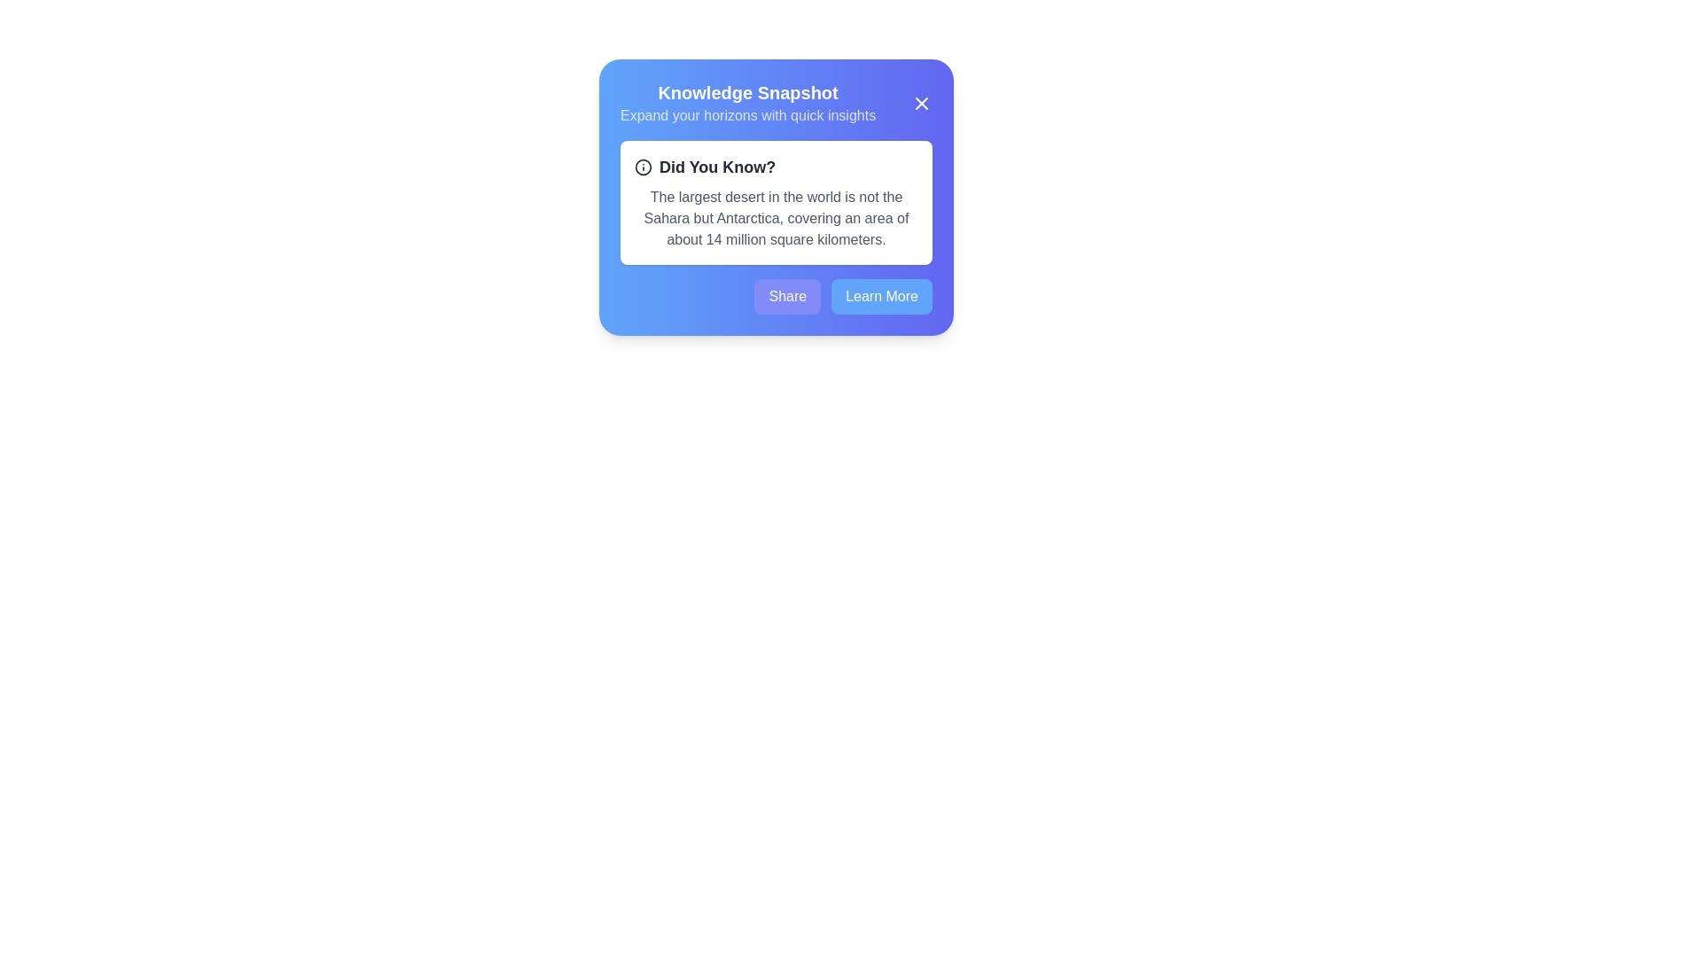 The height and width of the screenshot is (957, 1702). I want to click on the button labeled 'Learn More' with rounded edges and a blue background, so click(881, 296).